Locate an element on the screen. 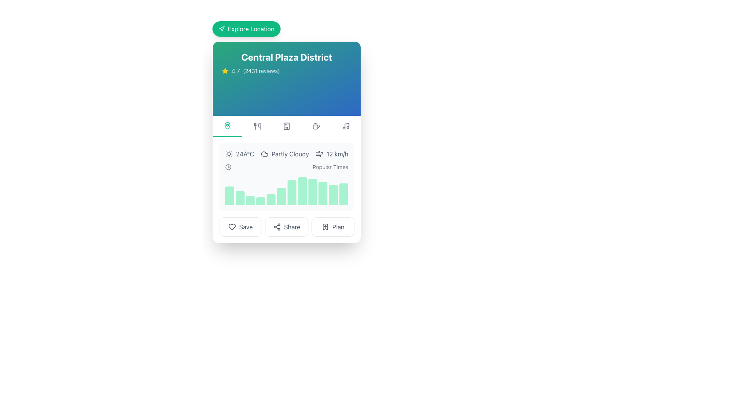 The image size is (743, 417). the icon button resembling a fork and knife, which is the second interactive icon below the header 'Central Plaza District' is located at coordinates (257, 126).